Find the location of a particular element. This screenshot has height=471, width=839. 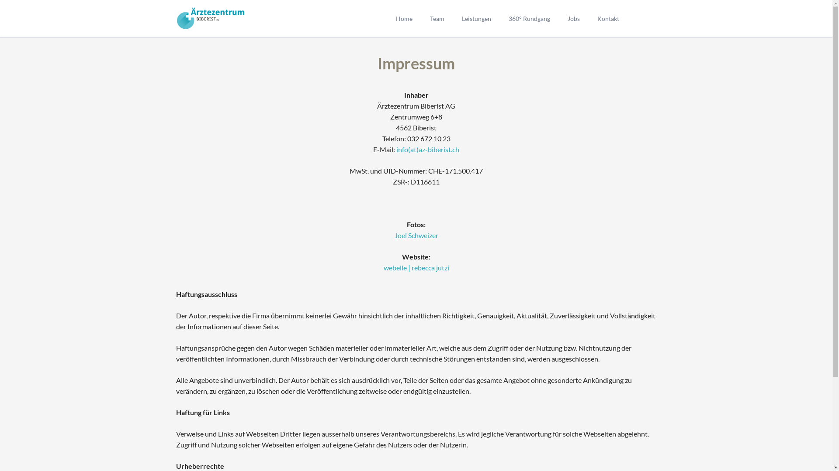

'Leistungen' is located at coordinates (475, 18).